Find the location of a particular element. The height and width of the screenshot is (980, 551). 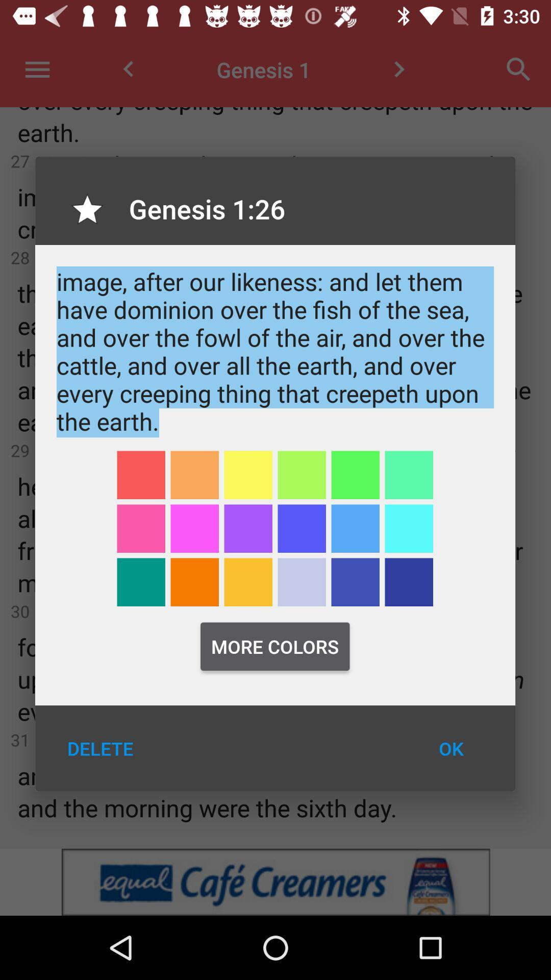

icon below the and god said icon is located at coordinates (355, 474).